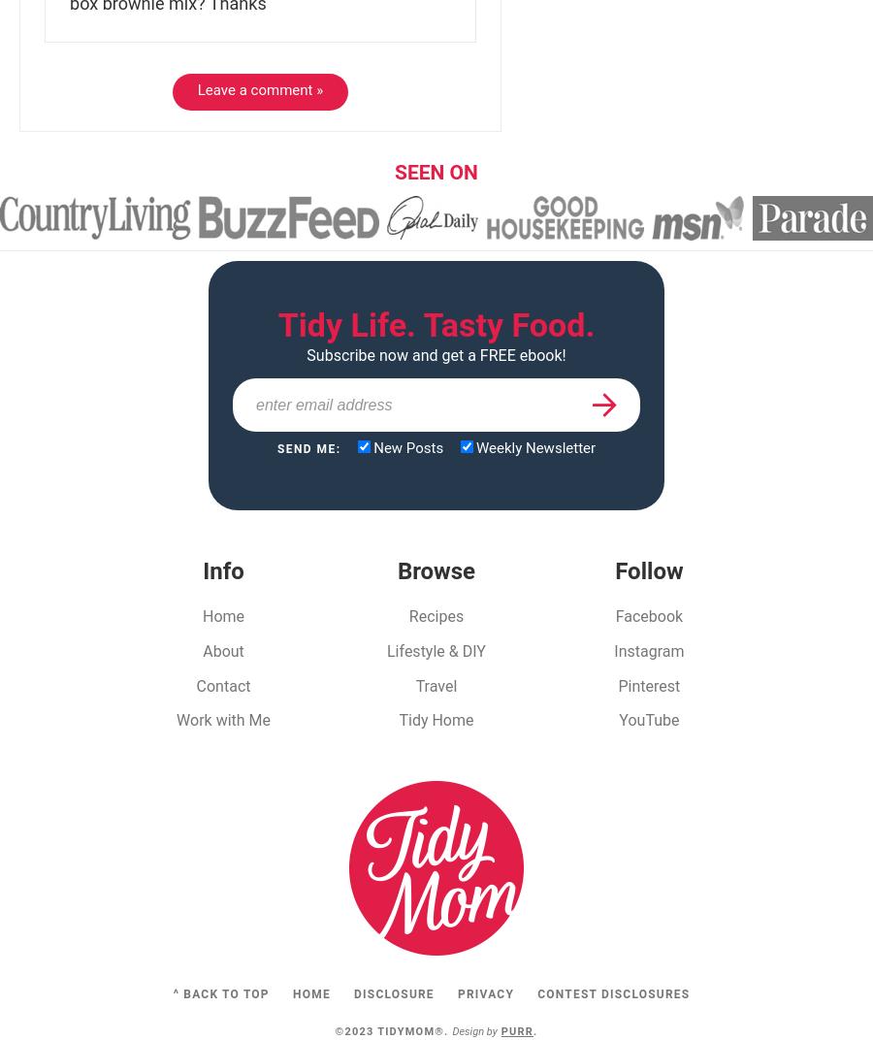 The height and width of the screenshot is (1040, 873). What do you see at coordinates (202, 650) in the screenshot?
I see `'About'` at bounding box center [202, 650].